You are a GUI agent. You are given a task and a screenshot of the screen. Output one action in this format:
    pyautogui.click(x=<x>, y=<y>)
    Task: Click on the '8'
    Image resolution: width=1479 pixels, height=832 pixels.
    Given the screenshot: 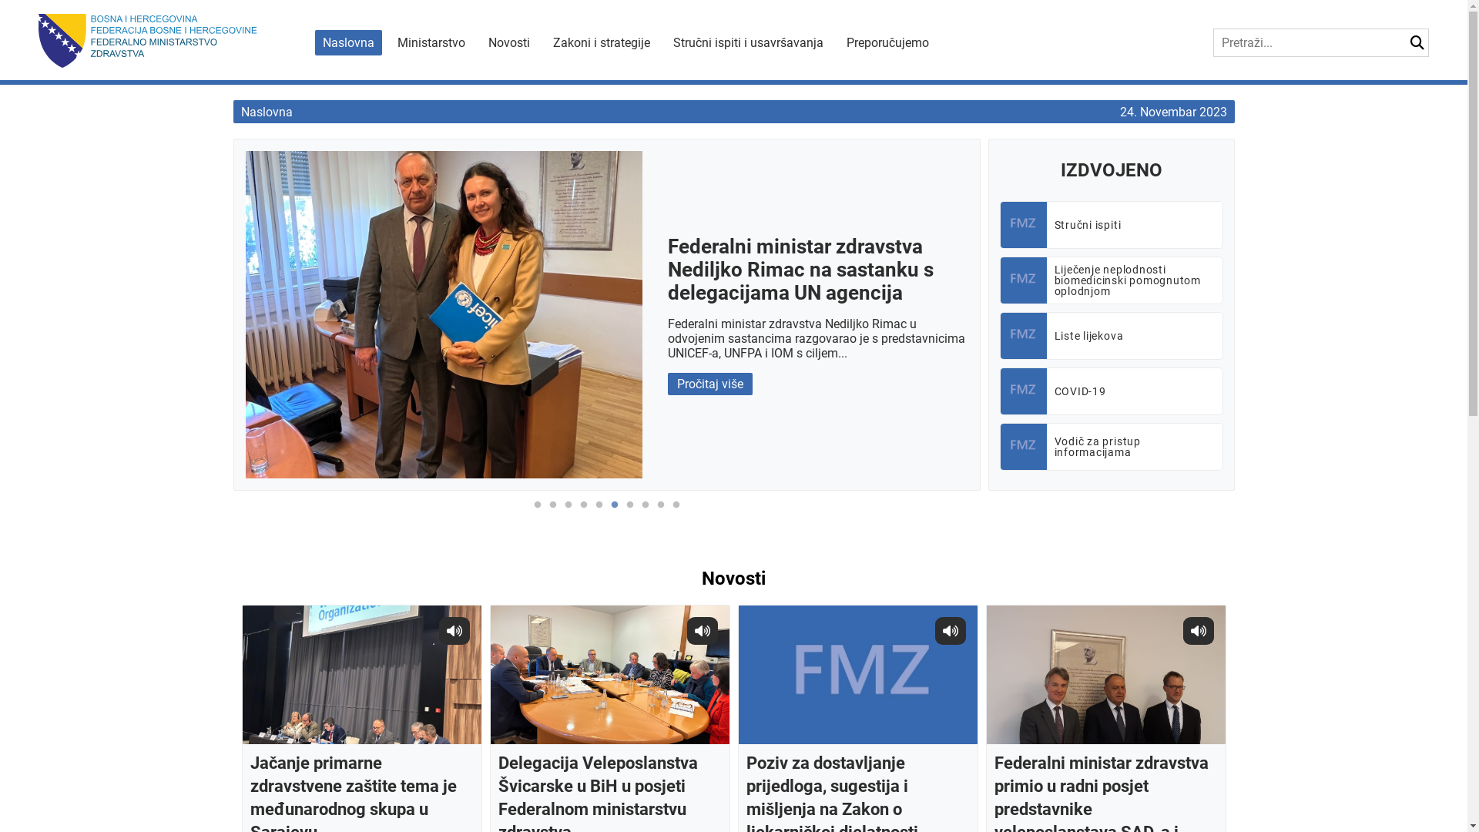 What is the action you would take?
    pyautogui.click(x=638, y=513)
    